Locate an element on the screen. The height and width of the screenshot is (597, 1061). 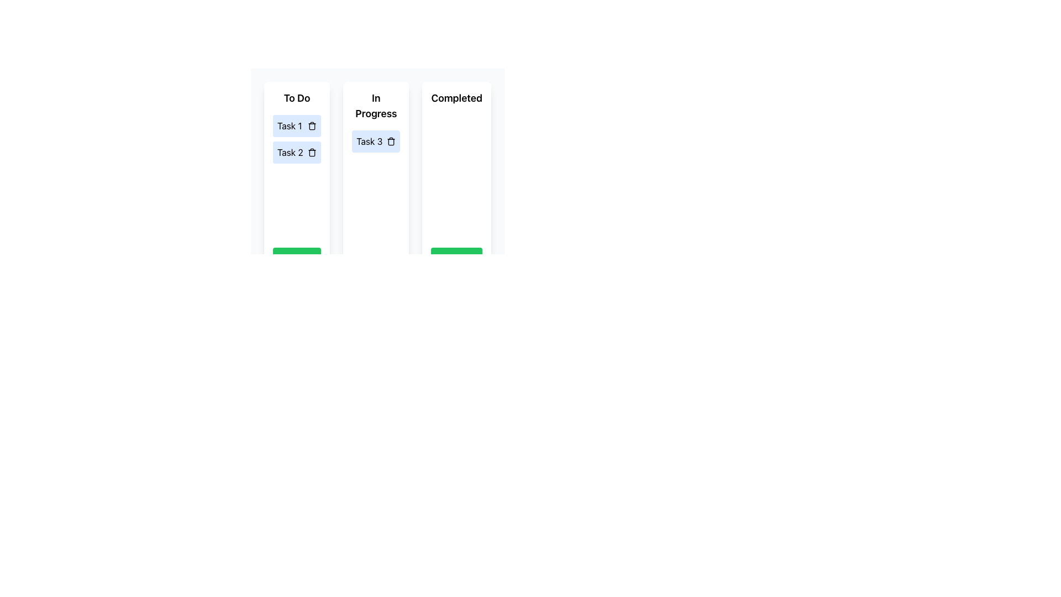
the Text Label that displays 'Completed' in bold font at the top of the card layout is located at coordinates (456, 97).